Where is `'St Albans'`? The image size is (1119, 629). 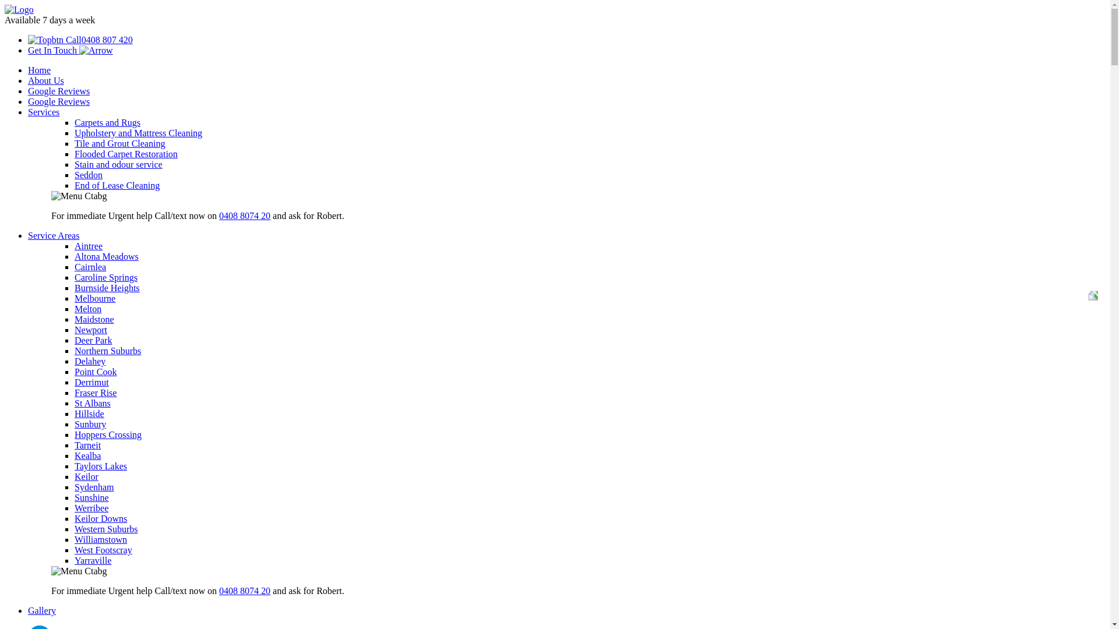
'St Albans' is located at coordinates (92, 402).